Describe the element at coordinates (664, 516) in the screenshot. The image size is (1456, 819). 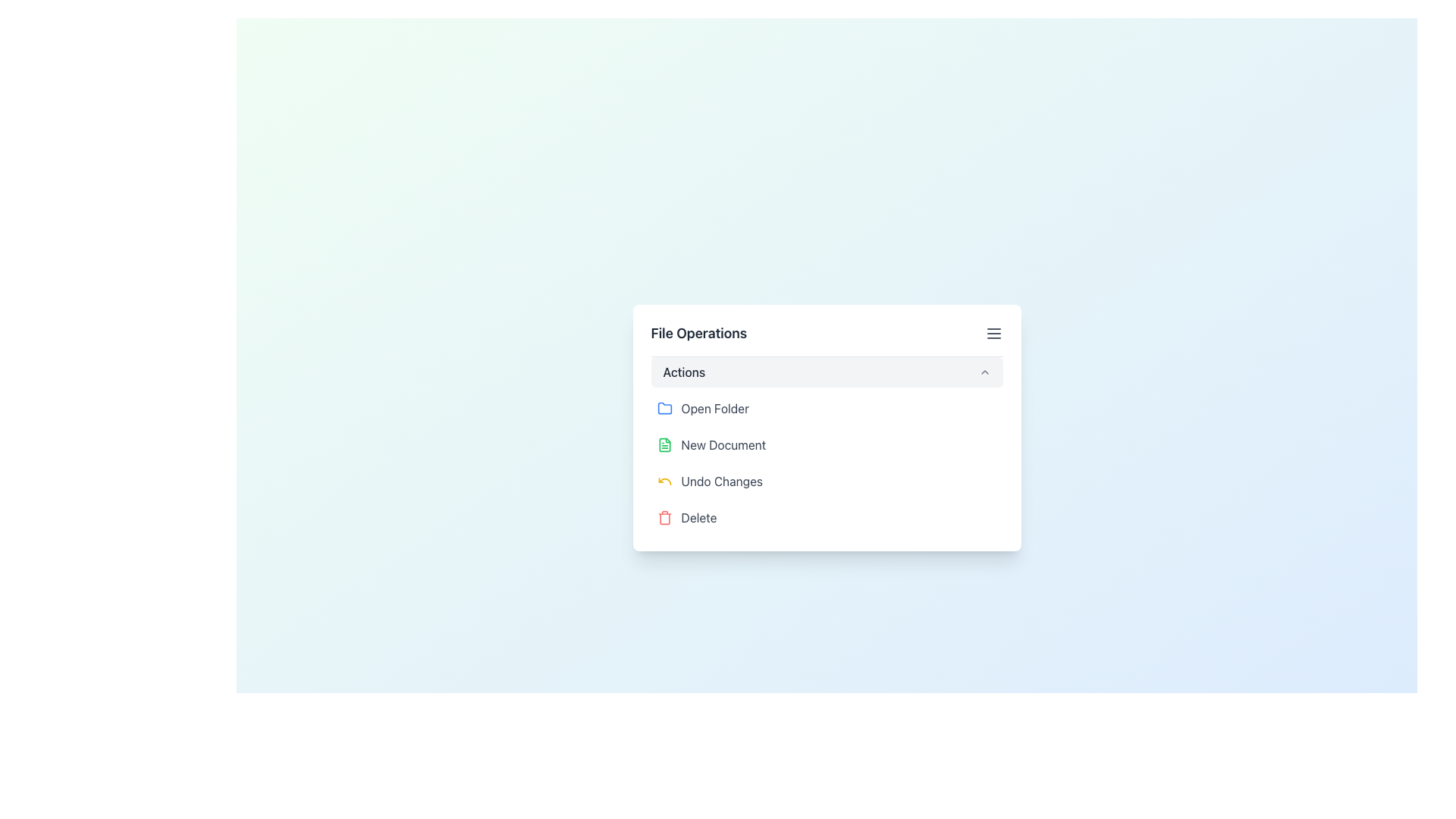
I see `the red trash bin icon located at the bottom of the 'File Operations' popup menu to initiate the delete action` at that location.